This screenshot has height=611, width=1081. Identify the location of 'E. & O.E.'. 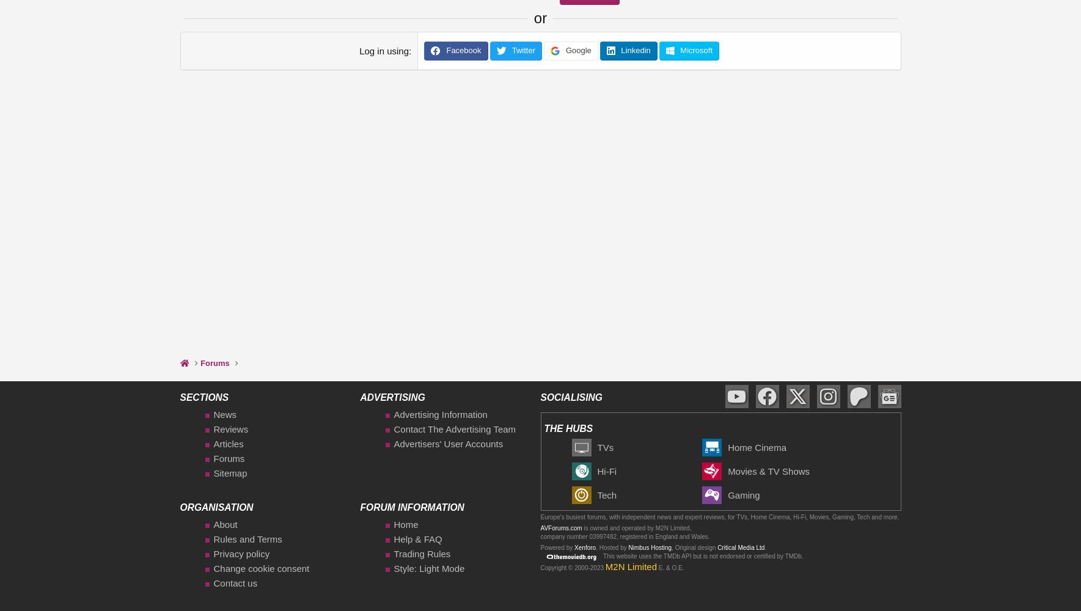
(656, 567).